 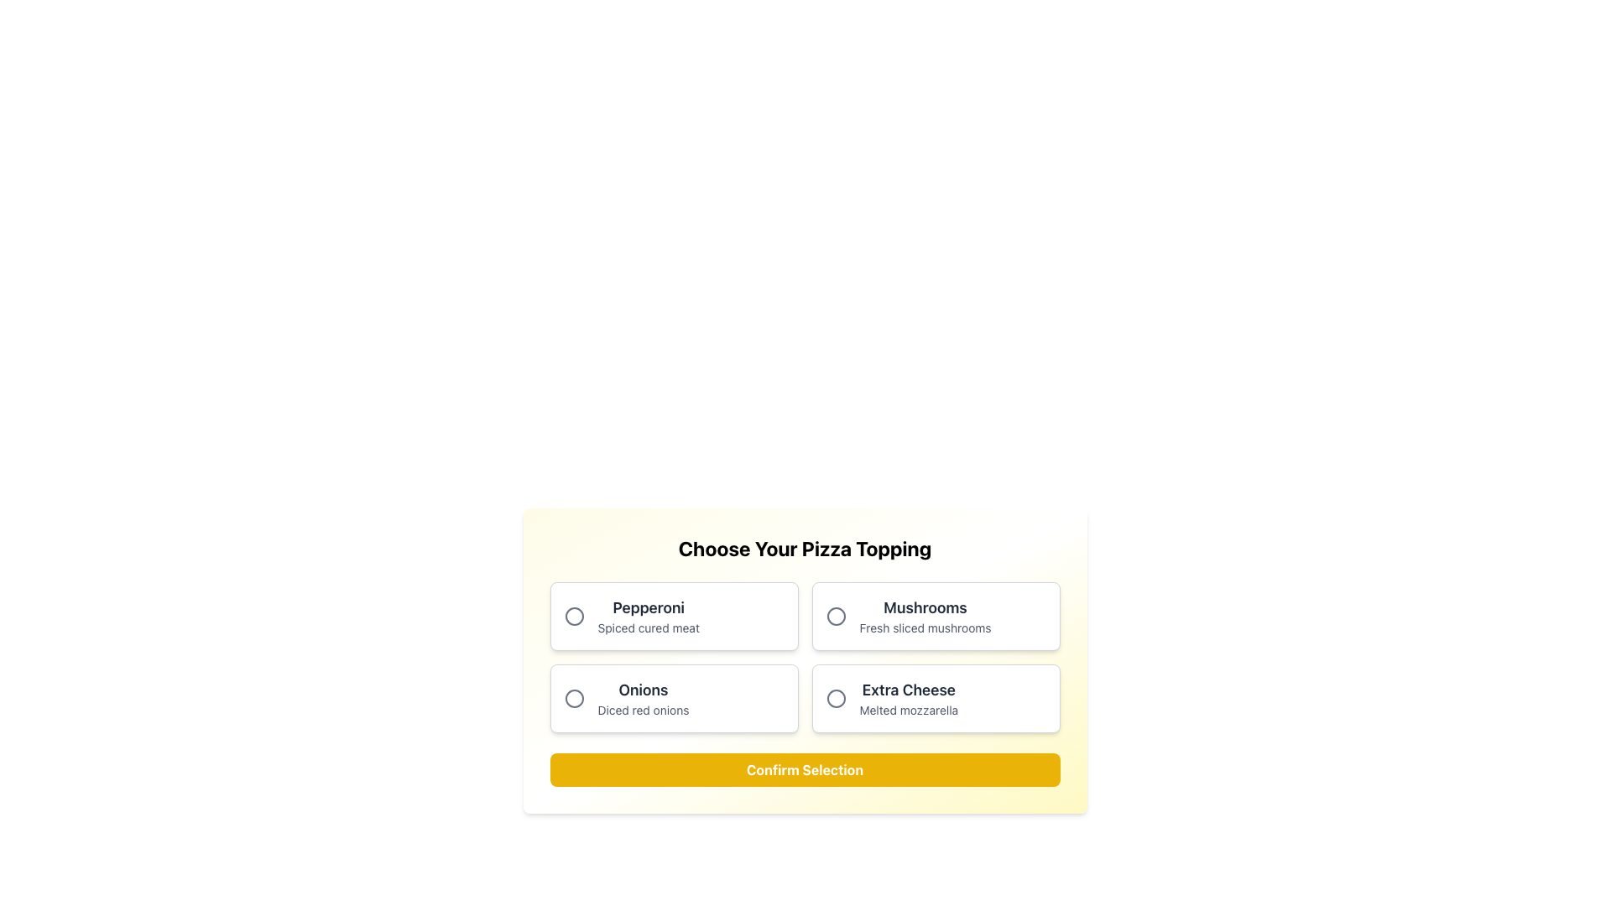 I want to click on the bold text label stating 'Extra Cheese' located in the bottom-right section of the pizza topping selection menu, positioned above the description text 'Melted mozzarella', so click(x=908, y=690).